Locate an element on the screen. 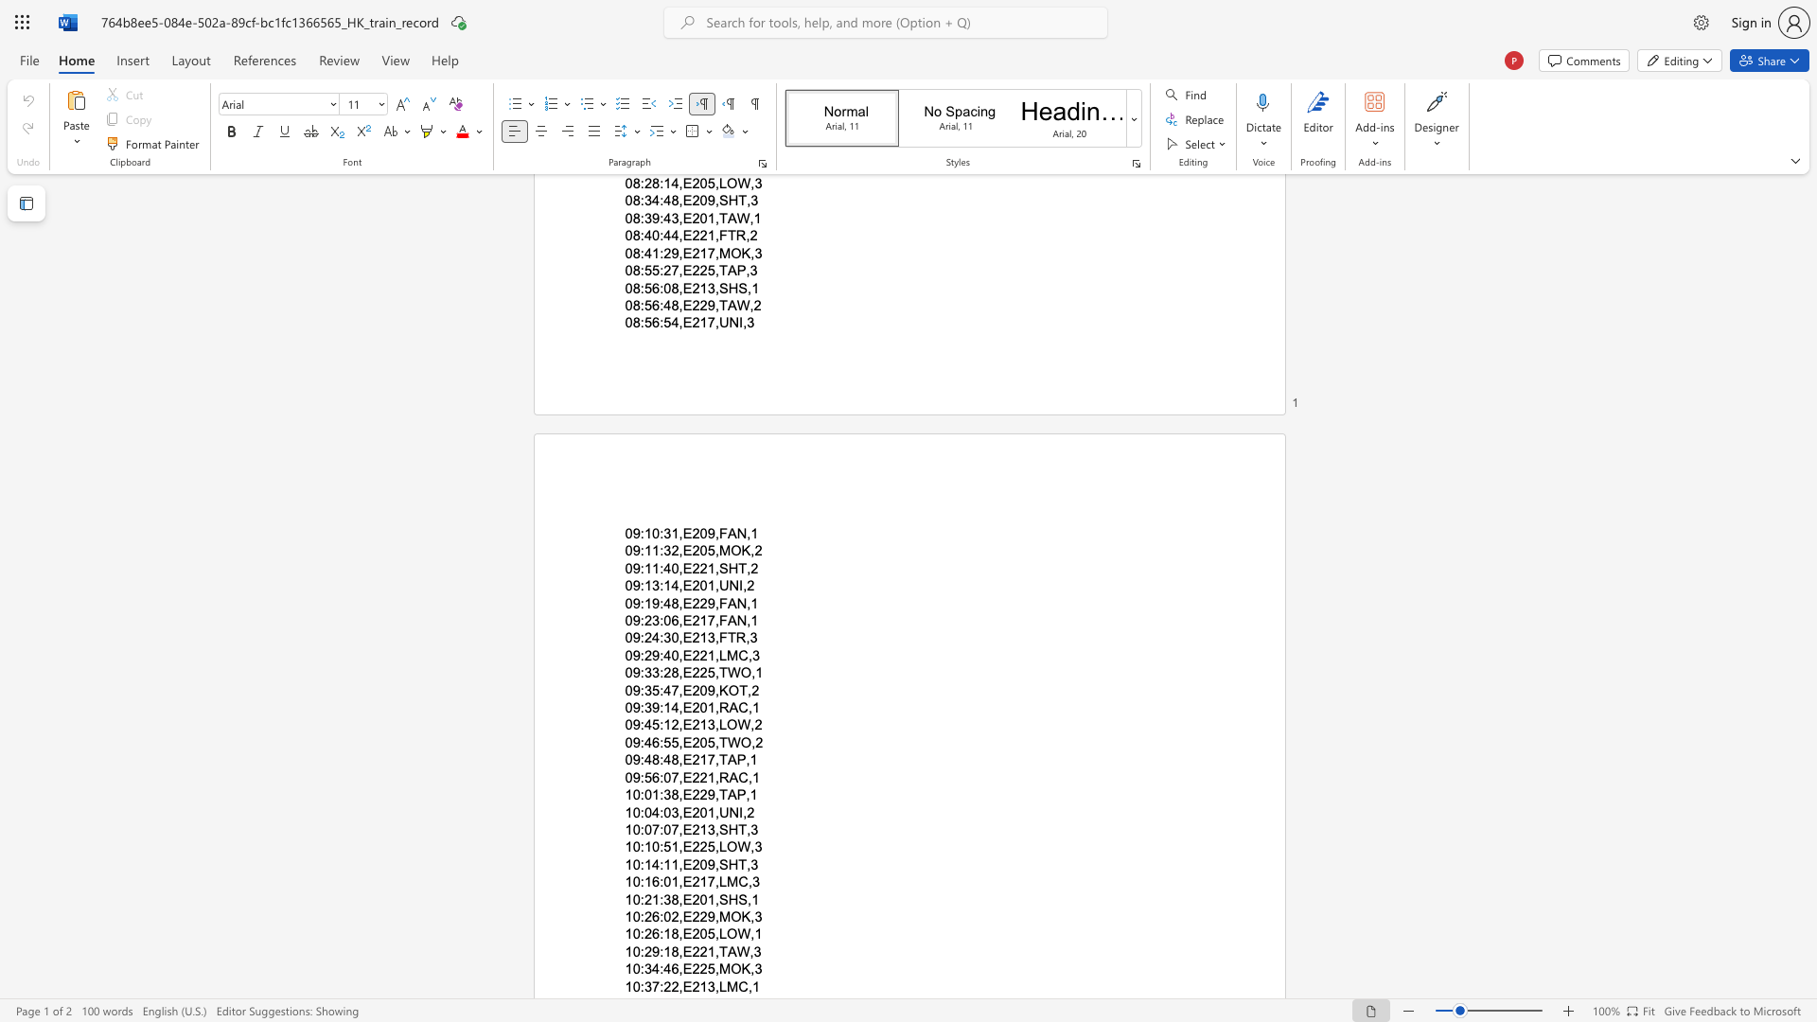 This screenshot has width=1817, height=1022. the subset text ":14,E201,RAC" within the text "09:39:14,E201,RAC,1" is located at coordinates (660, 708).